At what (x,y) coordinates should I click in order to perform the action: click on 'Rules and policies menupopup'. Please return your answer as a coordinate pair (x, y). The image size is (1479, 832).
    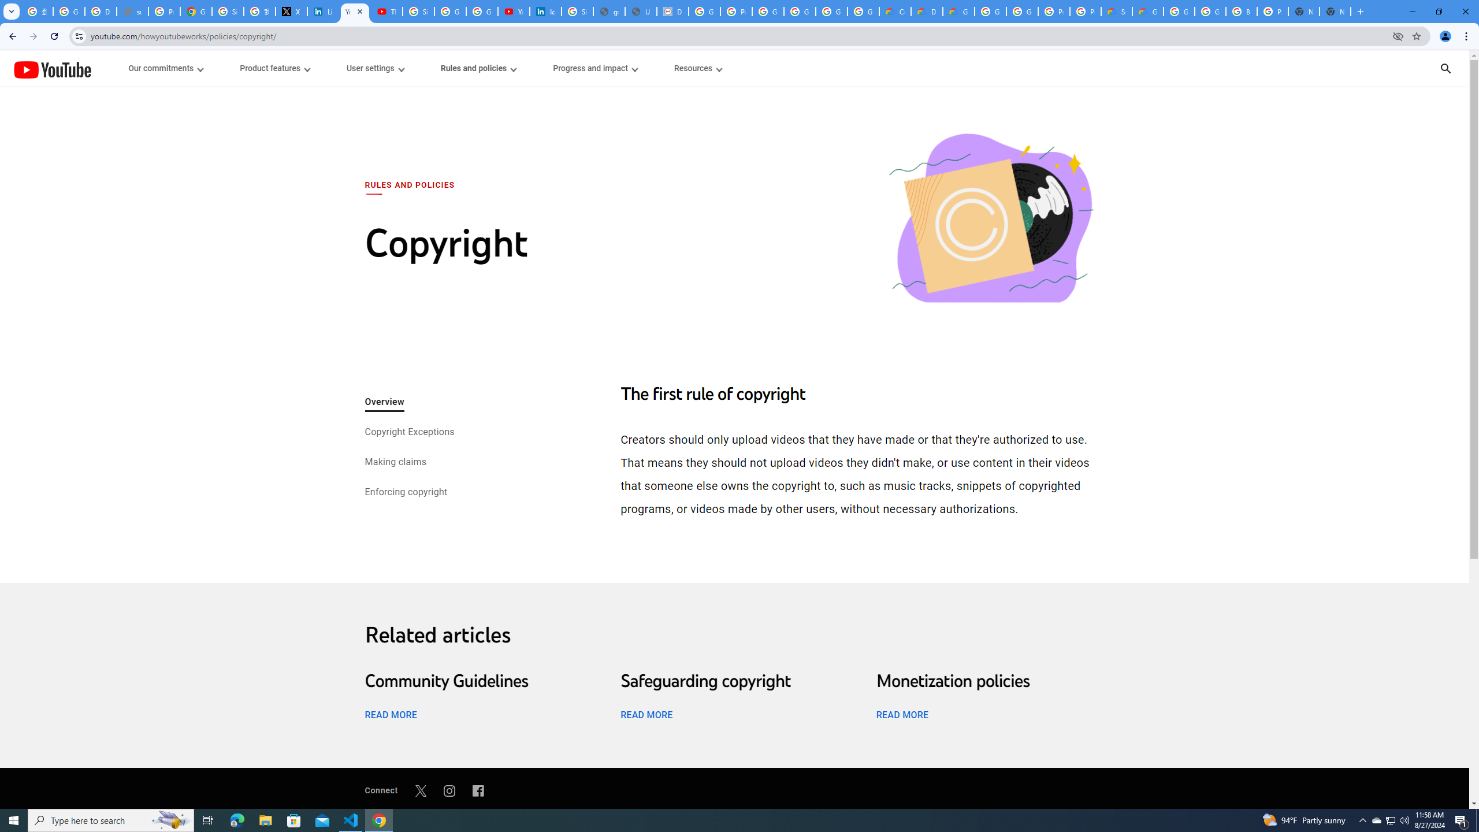
    Looking at the image, I should click on (478, 68).